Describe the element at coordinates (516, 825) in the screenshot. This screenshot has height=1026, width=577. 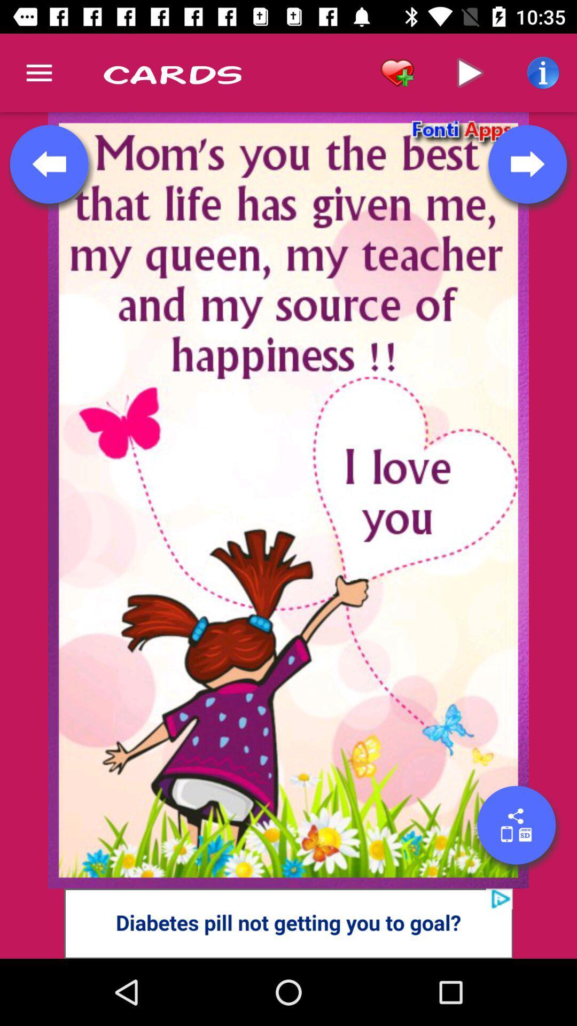
I see `share button` at that location.